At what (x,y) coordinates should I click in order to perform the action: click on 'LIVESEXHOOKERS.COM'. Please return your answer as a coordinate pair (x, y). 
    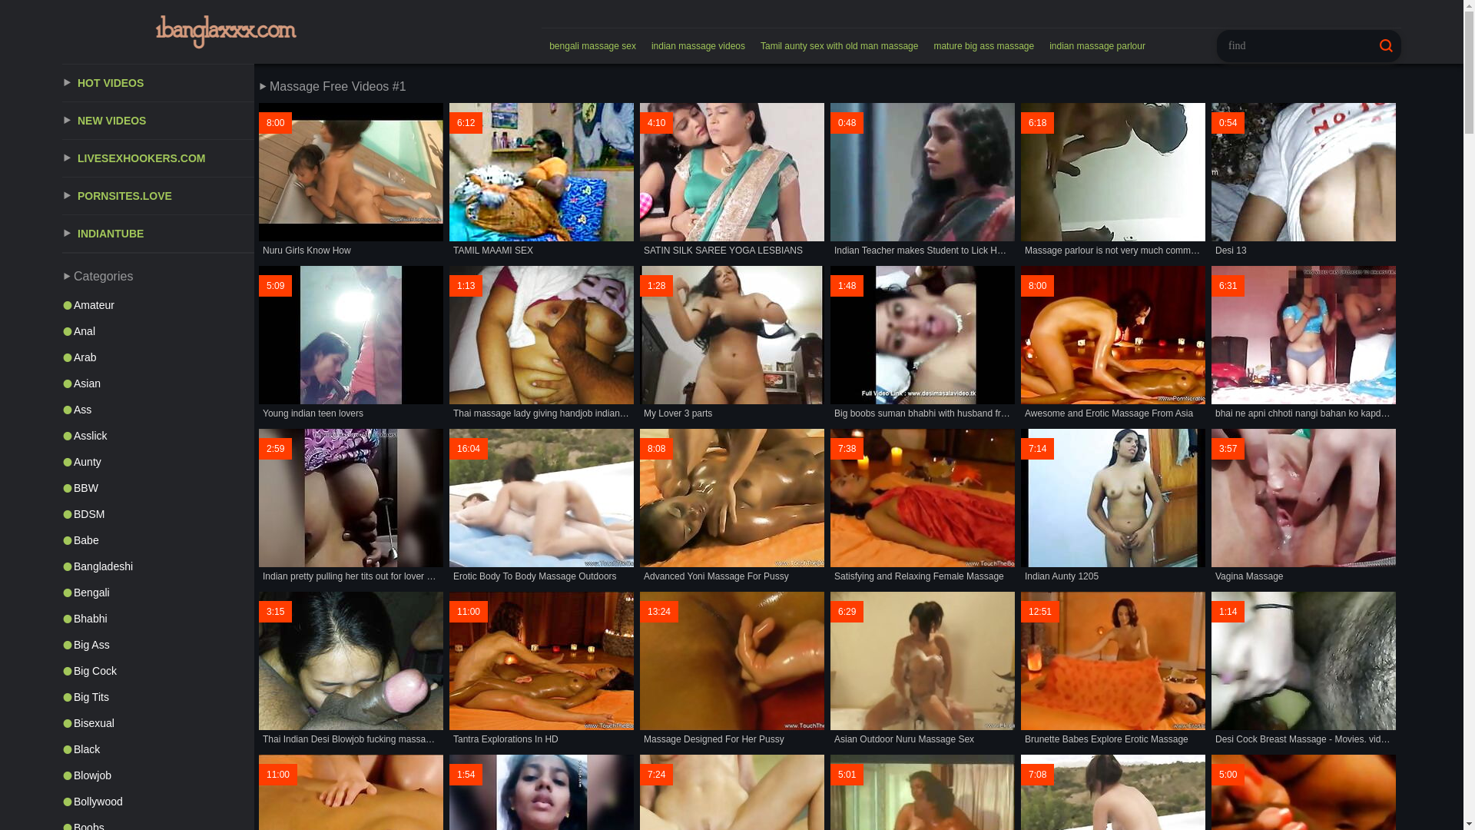
    Looking at the image, I should click on (158, 158).